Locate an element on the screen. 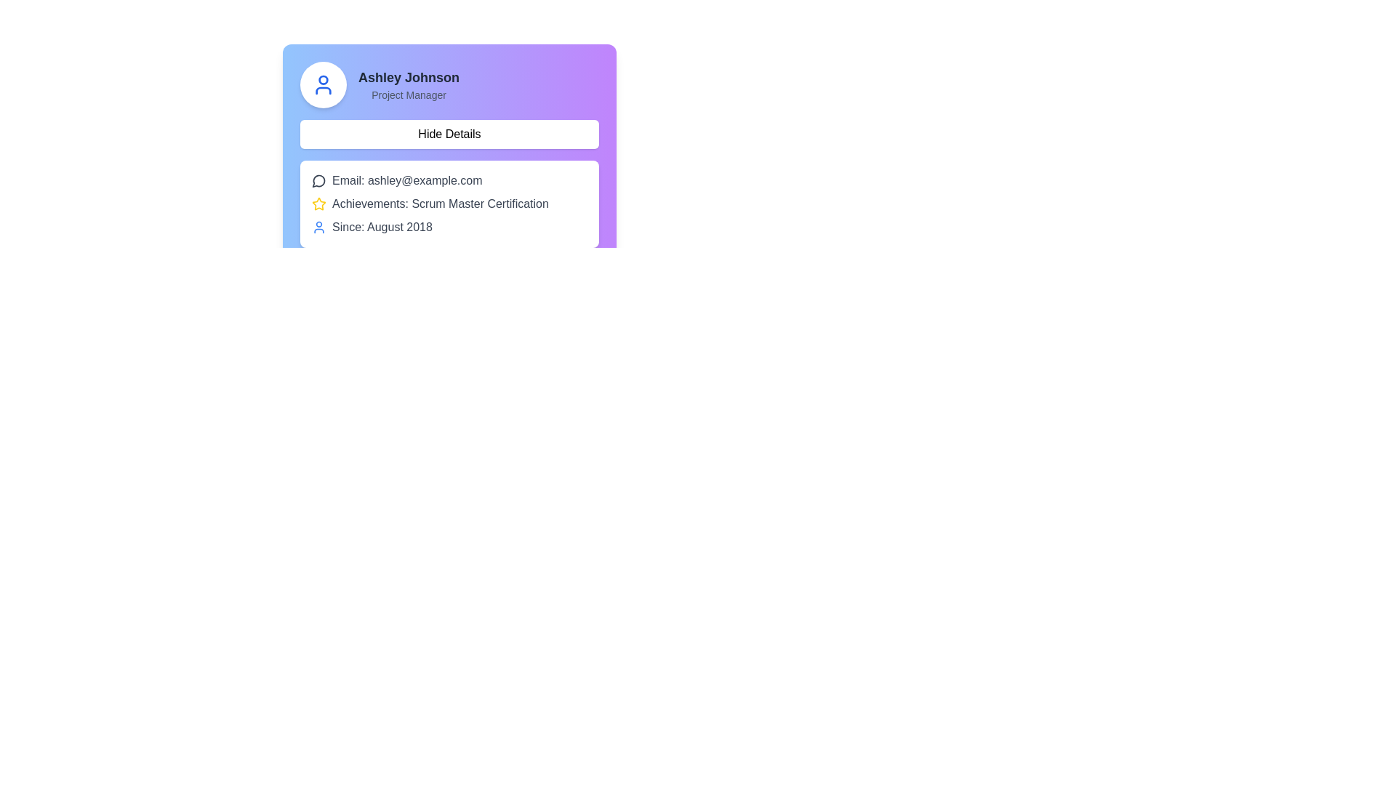 Image resolution: width=1396 pixels, height=785 pixels. the static text label 'Project Manager' located below the name 'Ashley Johnson' in the profile card is located at coordinates (408, 95).